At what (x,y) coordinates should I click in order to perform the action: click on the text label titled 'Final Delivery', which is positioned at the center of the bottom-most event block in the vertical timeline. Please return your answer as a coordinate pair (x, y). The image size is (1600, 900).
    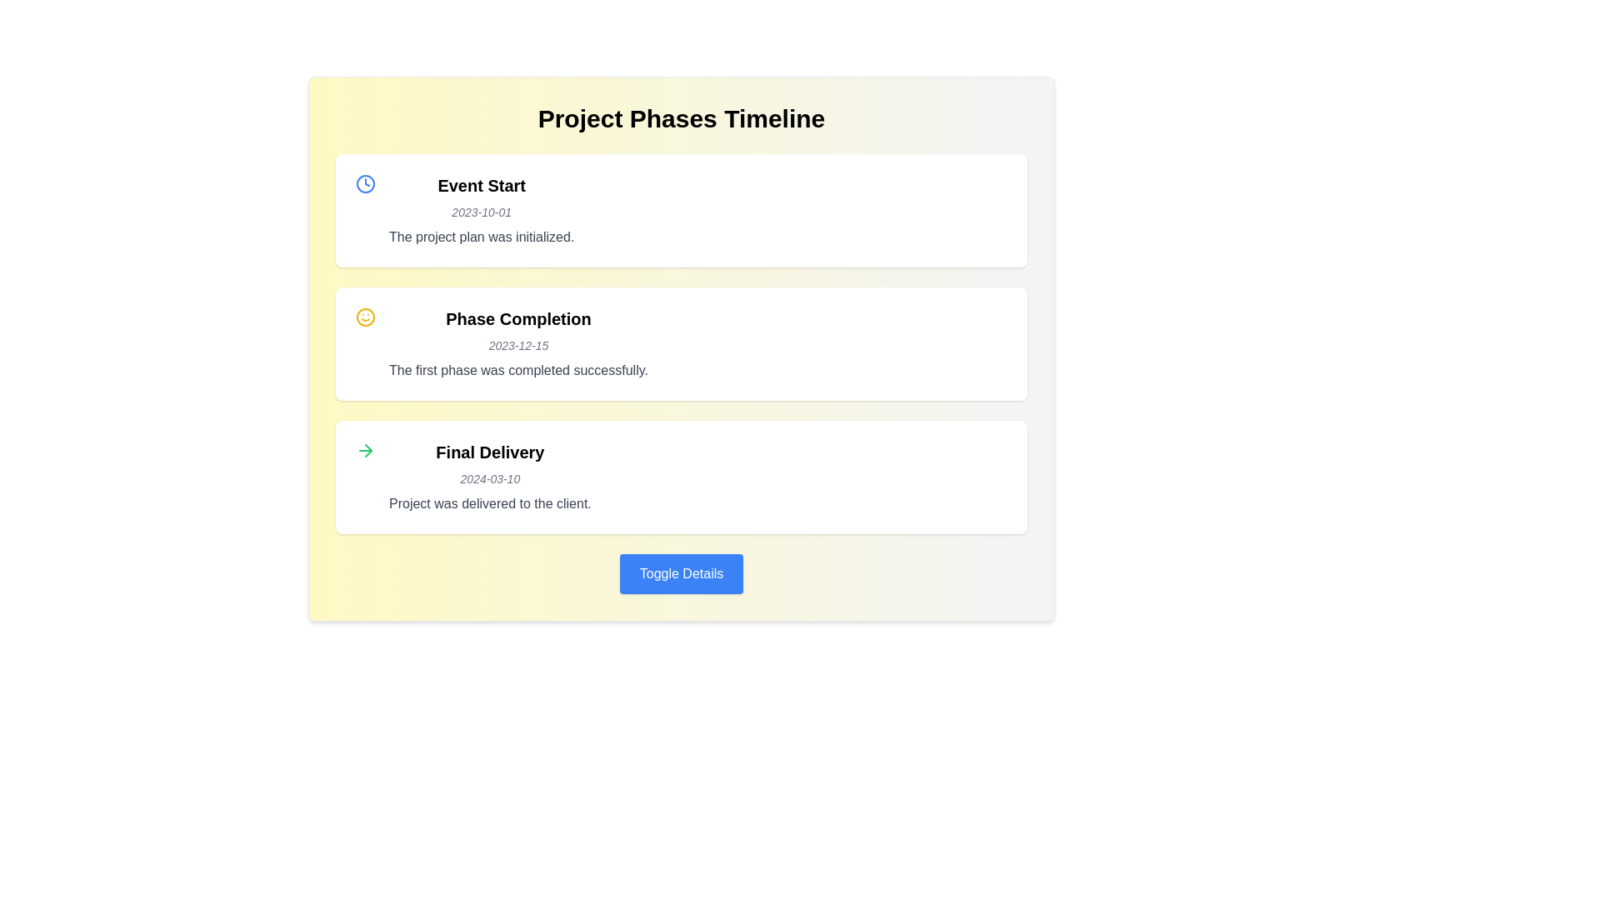
    Looking at the image, I should click on (489, 452).